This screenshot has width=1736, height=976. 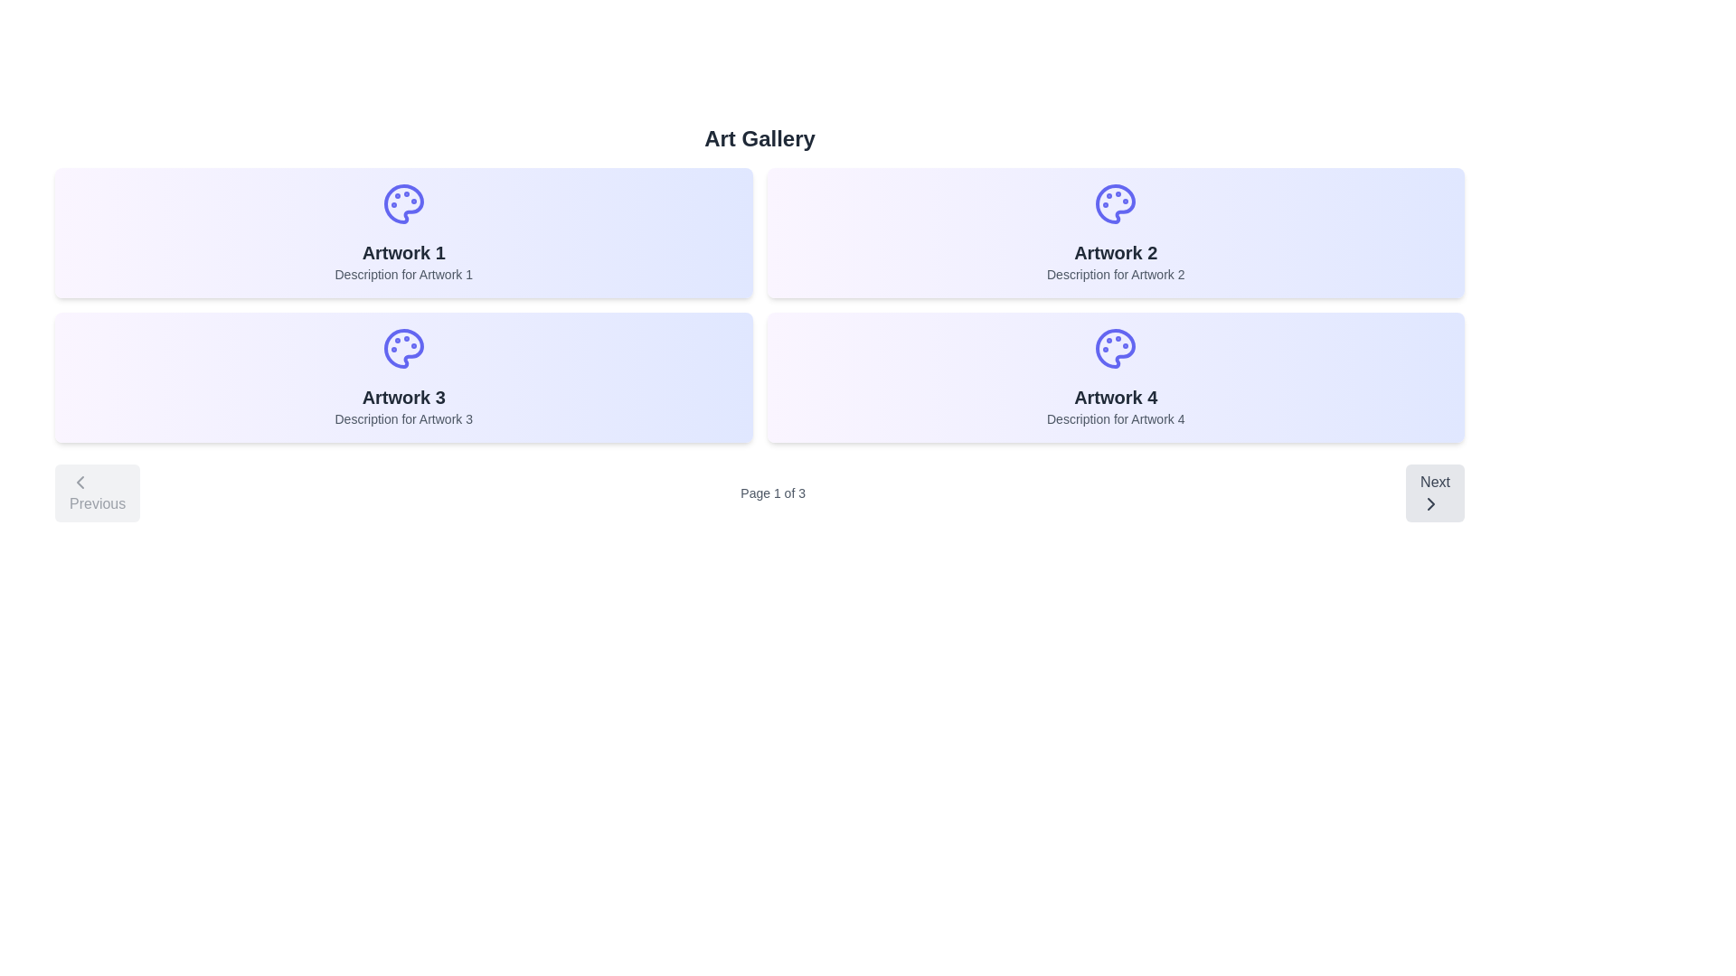 I want to click on the circular purple painter's palette icon located in the bottom-right card of the 2x2 grid layout for interaction, so click(x=1114, y=348).